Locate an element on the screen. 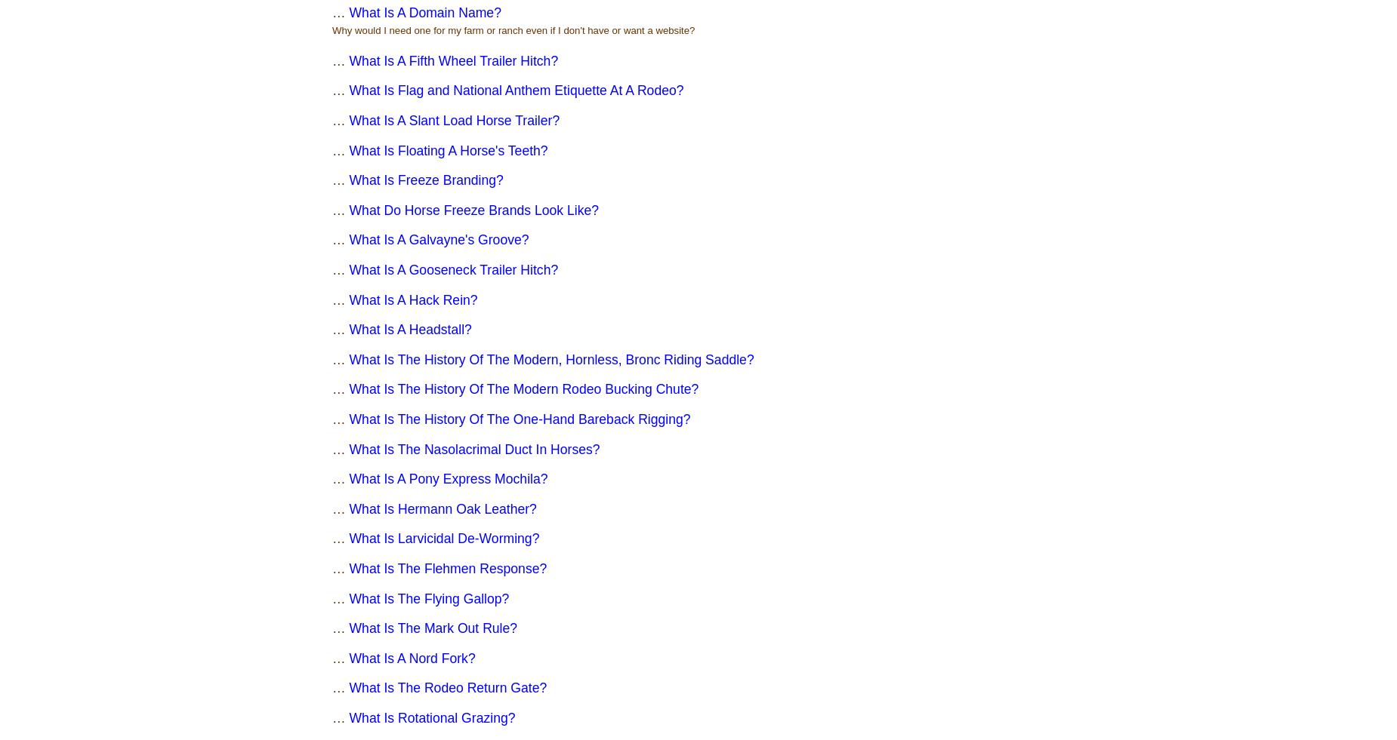 The image size is (1397, 740). 'What Is A Nord Fork?' is located at coordinates (412, 658).